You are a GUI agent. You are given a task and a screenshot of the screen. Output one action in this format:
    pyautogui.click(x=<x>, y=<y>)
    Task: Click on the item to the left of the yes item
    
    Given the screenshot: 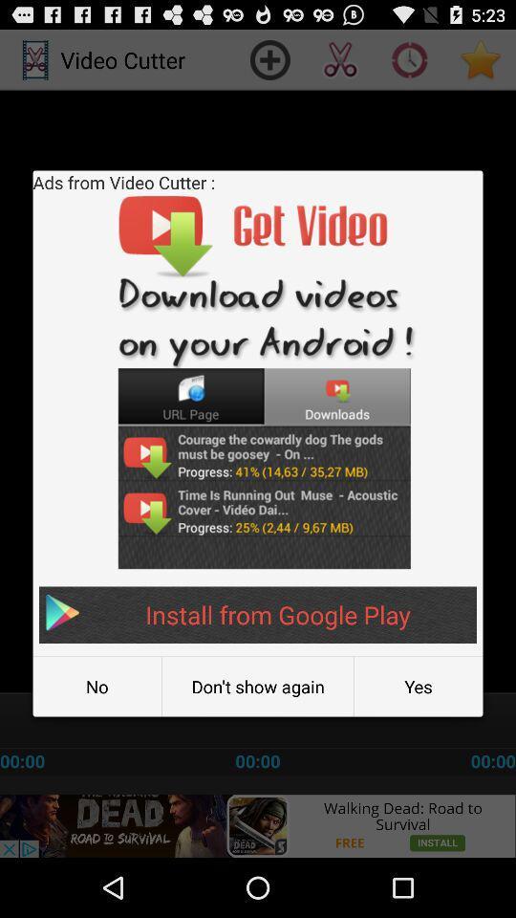 What is the action you would take?
    pyautogui.click(x=258, y=687)
    